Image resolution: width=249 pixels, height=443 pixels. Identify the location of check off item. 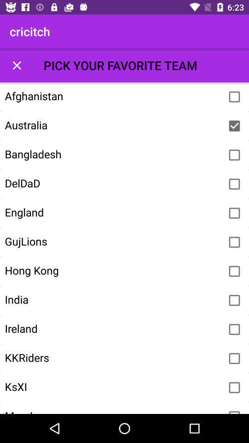
(234, 126).